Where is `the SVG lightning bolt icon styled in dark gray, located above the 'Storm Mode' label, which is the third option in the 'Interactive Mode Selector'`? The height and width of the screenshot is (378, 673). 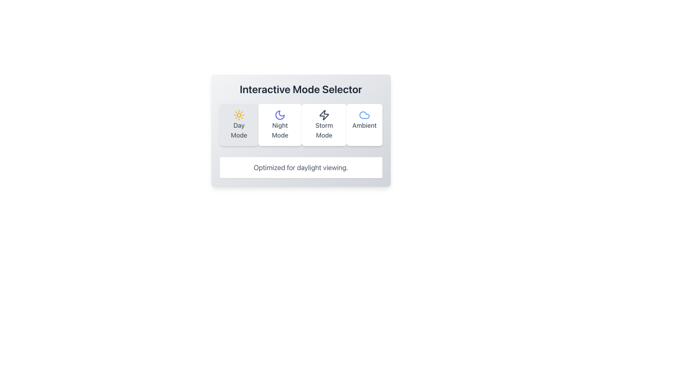 the SVG lightning bolt icon styled in dark gray, located above the 'Storm Mode' label, which is the third option in the 'Interactive Mode Selector' is located at coordinates (324, 114).